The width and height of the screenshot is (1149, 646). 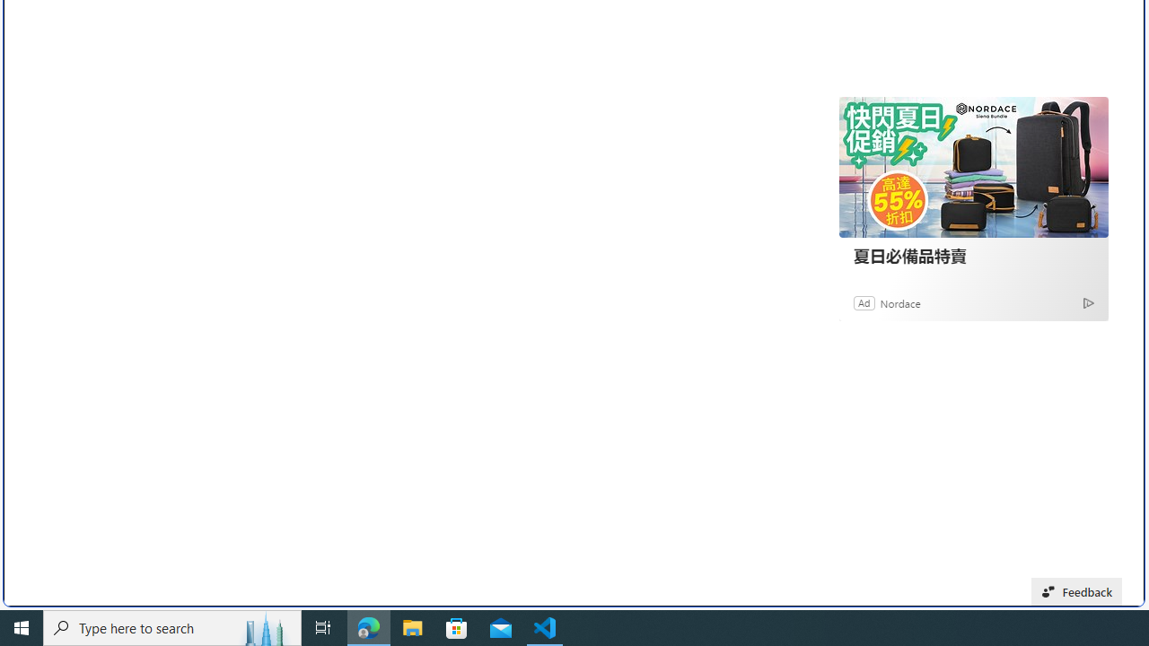 What do you see at coordinates (864, 301) in the screenshot?
I see `'Ad'` at bounding box center [864, 301].